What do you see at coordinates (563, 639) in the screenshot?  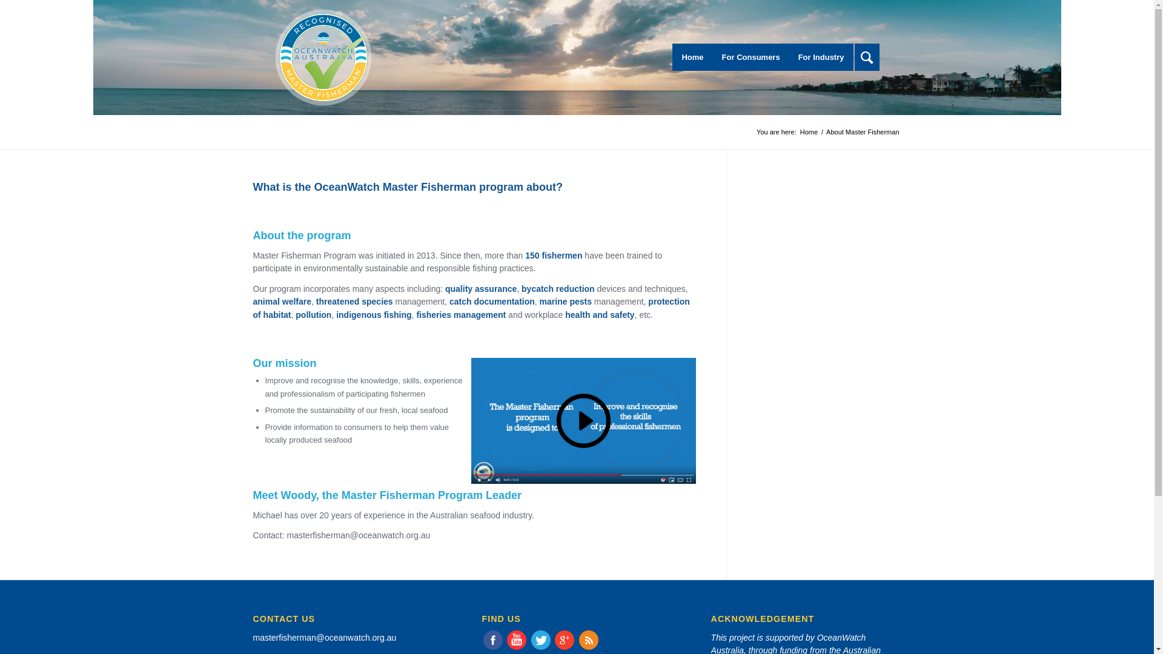 I see `'Gplus'` at bounding box center [563, 639].